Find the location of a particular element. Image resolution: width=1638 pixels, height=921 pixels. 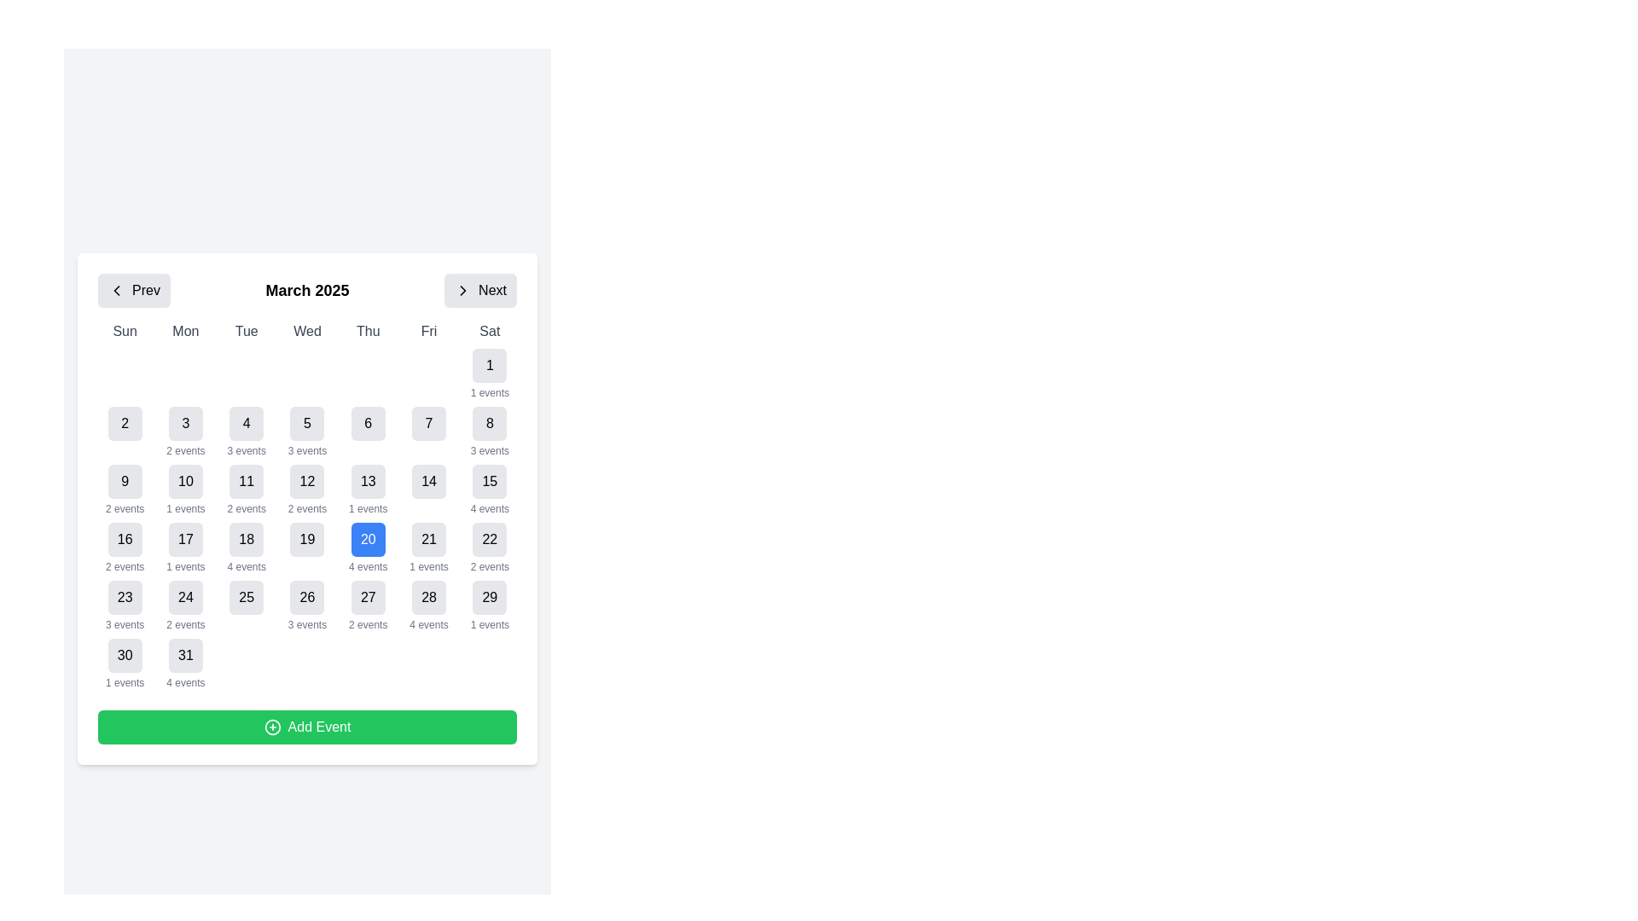

the button representing Monday, March 17th in the calendar is located at coordinates (185, 539).